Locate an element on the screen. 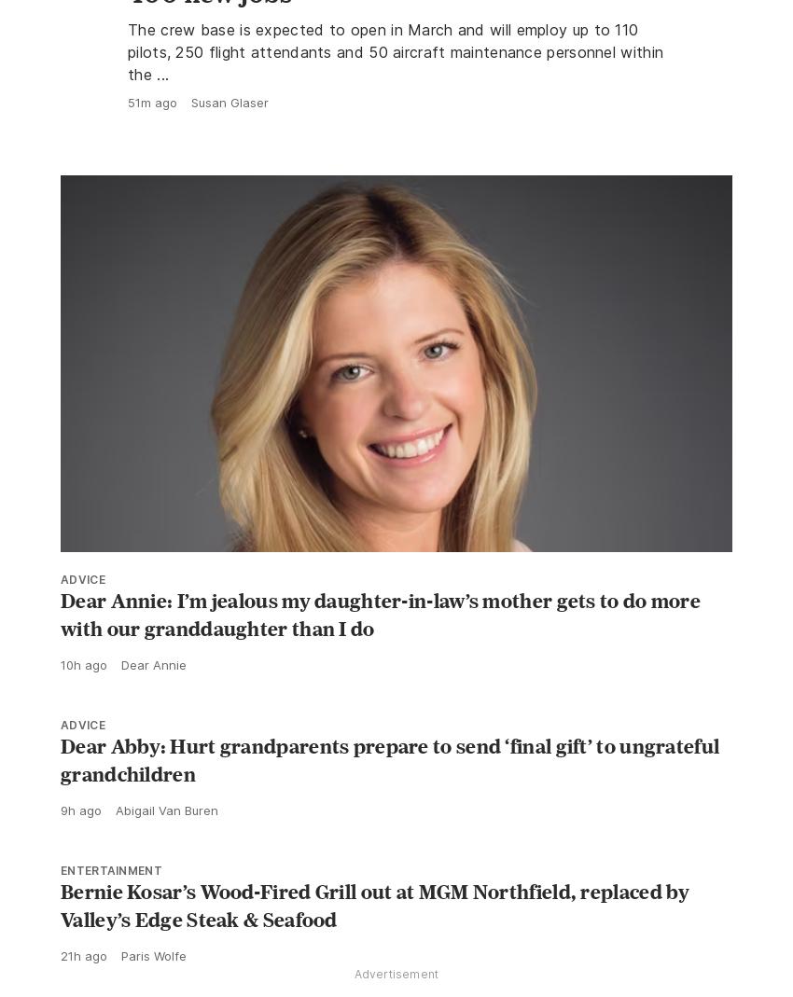 Image resolution: width=793 pixels, height=997 pixels. 'Dear Abby: Hurt grandparents prepare to send ‘final gift’ to ungrateful grandchildren' is located at coordinates (390, 800).